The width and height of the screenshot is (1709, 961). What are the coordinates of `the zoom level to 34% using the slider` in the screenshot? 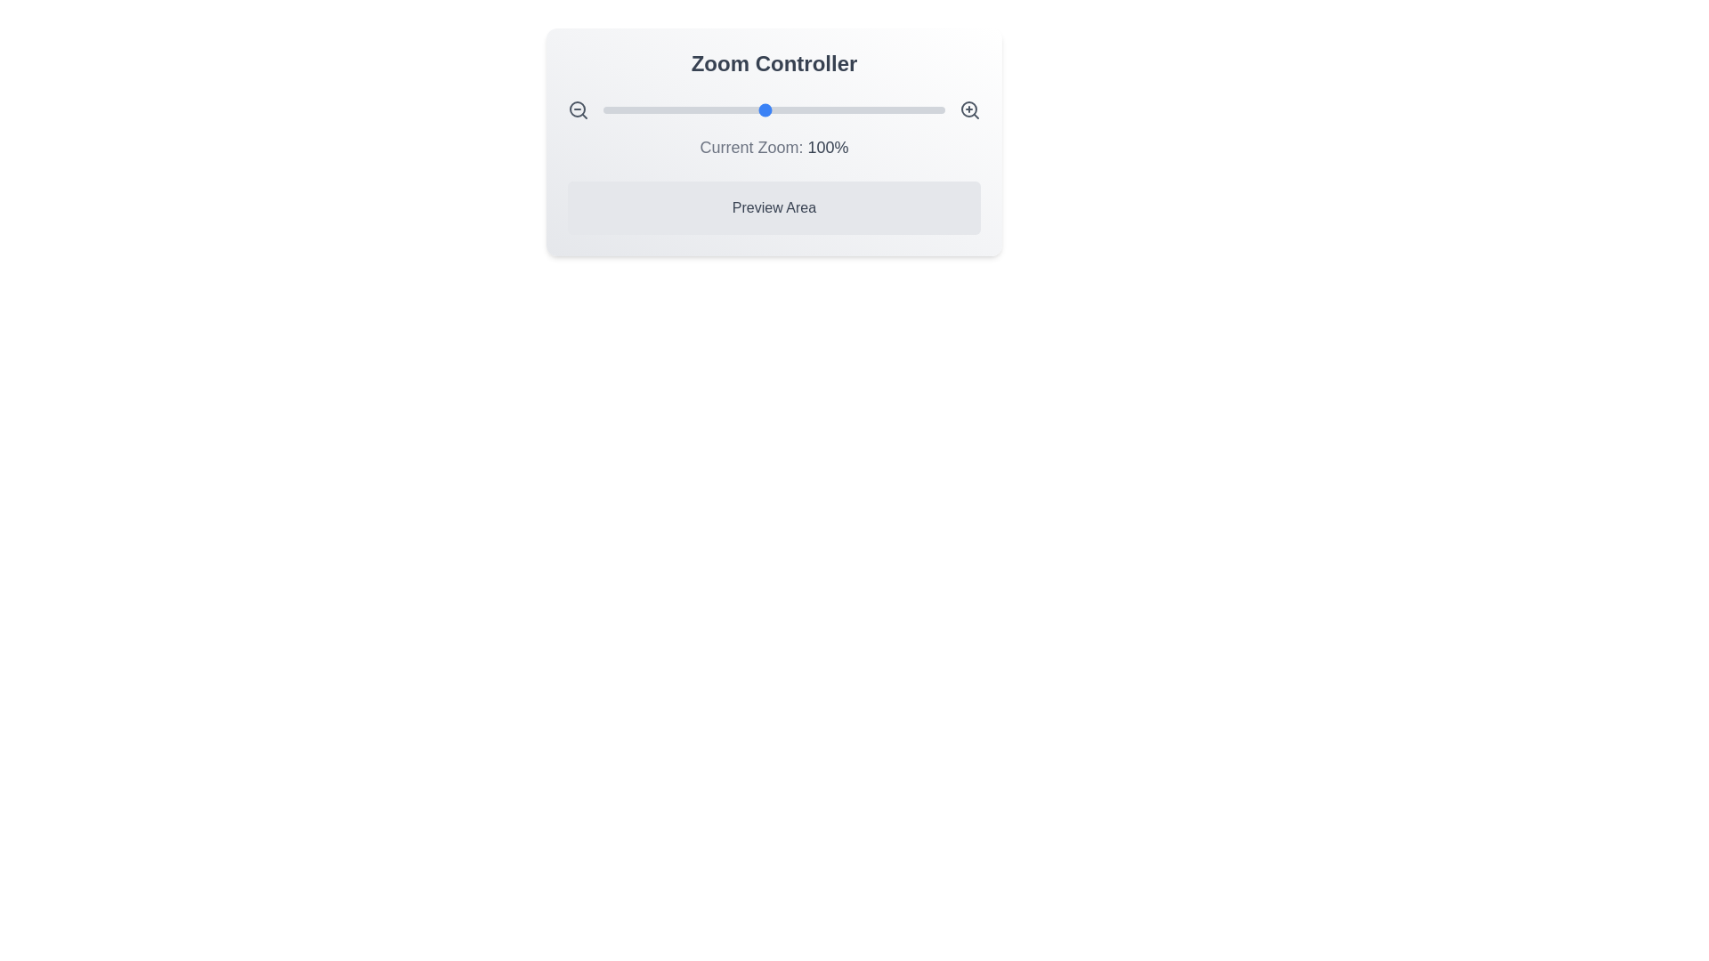 It's located at (645, 109).